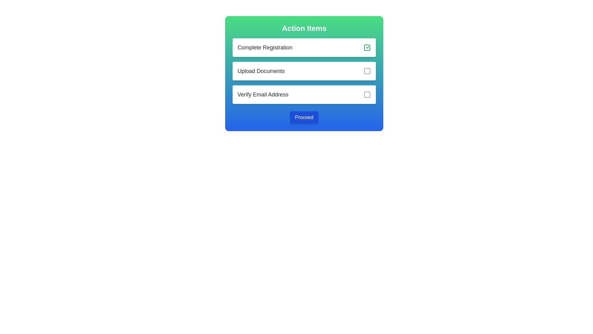 The image size is (593, 334). Describe the element at coordinates (367, 71) in the screenshot. I see `the interactive square icon with rounded corners located to the right of the 'Upload Documents' text` at that location.